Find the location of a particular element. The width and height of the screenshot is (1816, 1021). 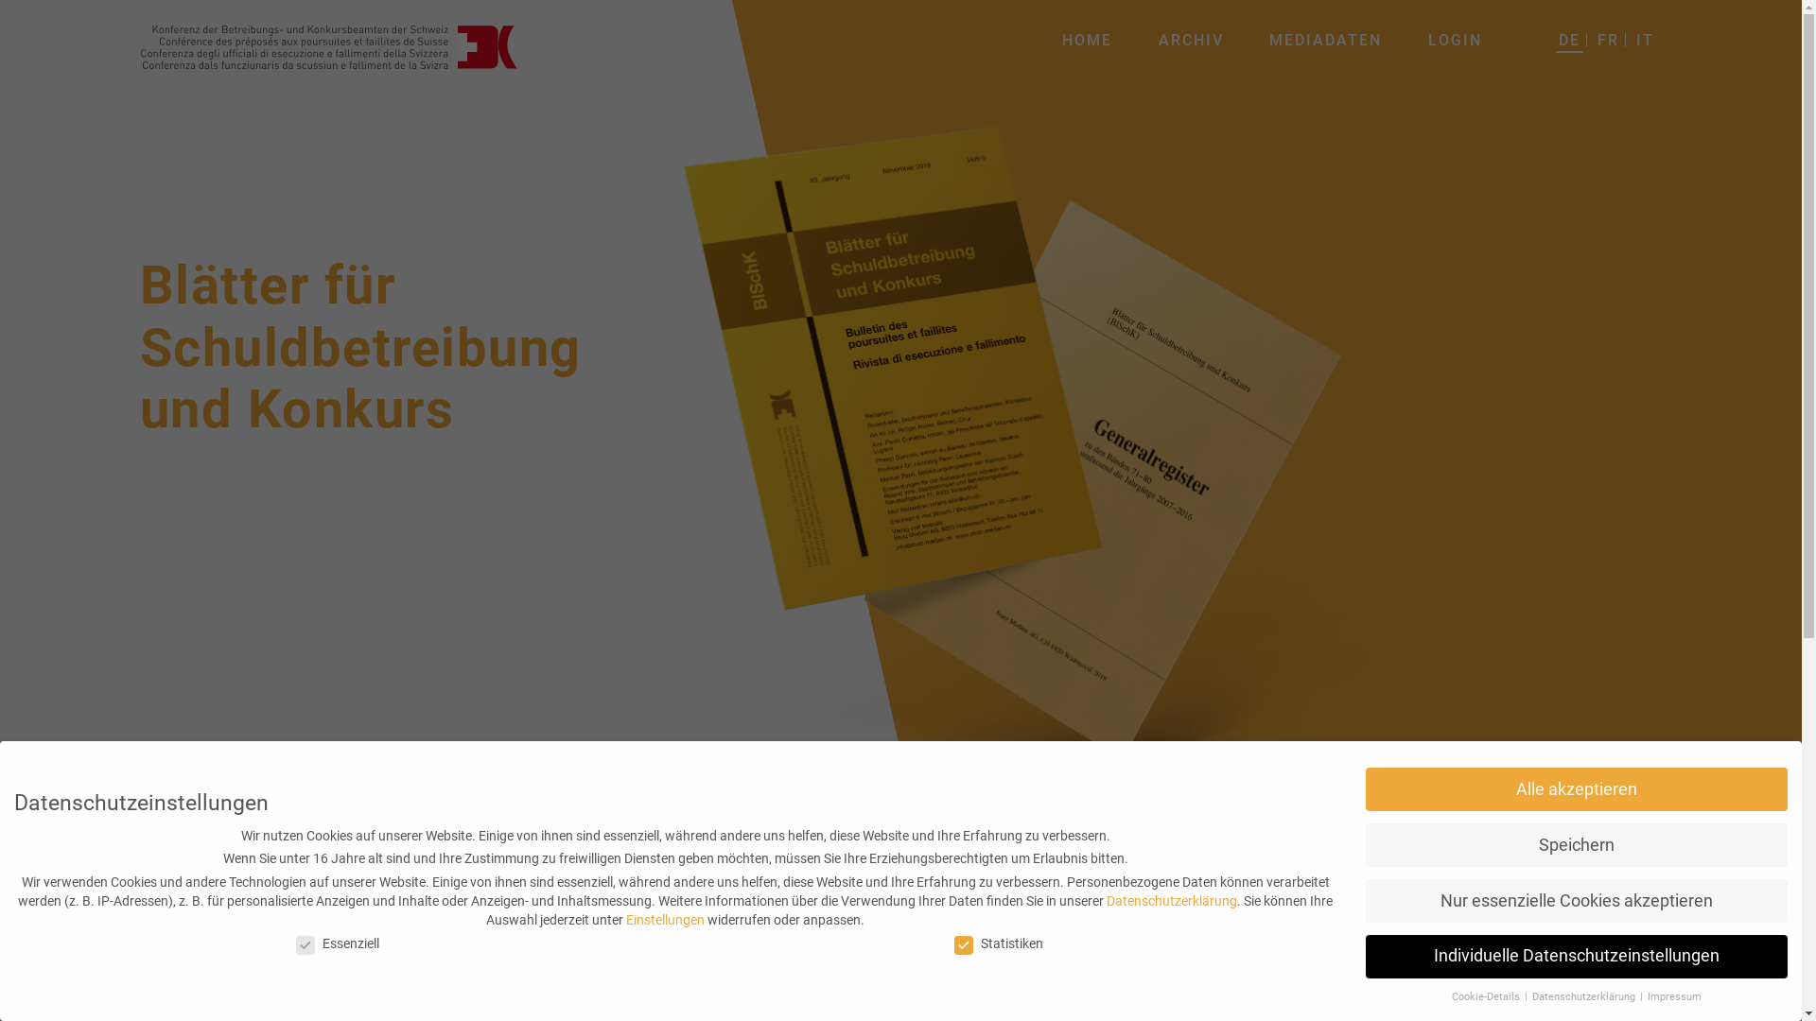

'Individuelle Datenschutzeinstellungen' is located at coordinates (1576, 956).